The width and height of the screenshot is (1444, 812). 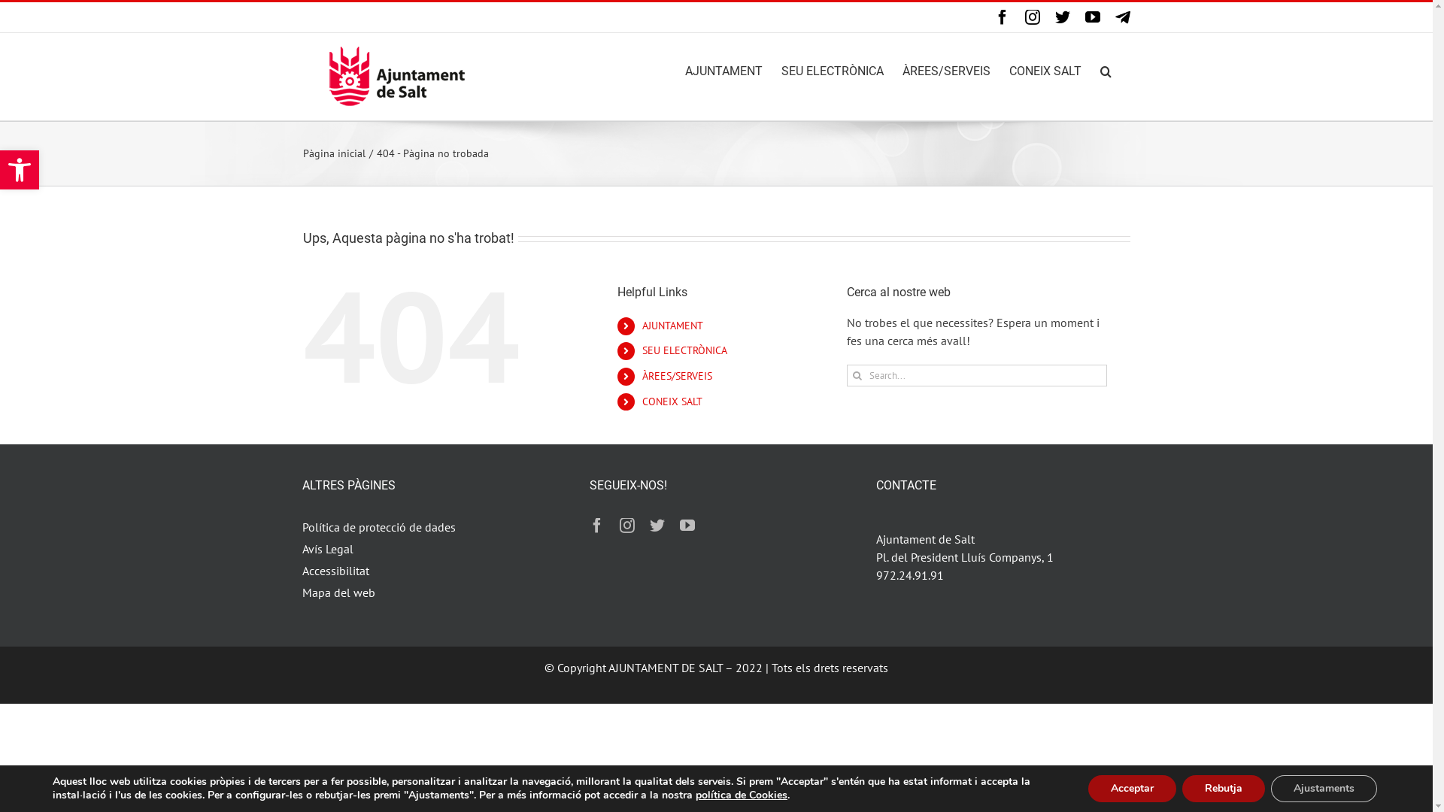 What do you see at coordinates (671, 400) in the screenshot?
I see `'CONEIX SALT'` at bounding box center [671, 400].